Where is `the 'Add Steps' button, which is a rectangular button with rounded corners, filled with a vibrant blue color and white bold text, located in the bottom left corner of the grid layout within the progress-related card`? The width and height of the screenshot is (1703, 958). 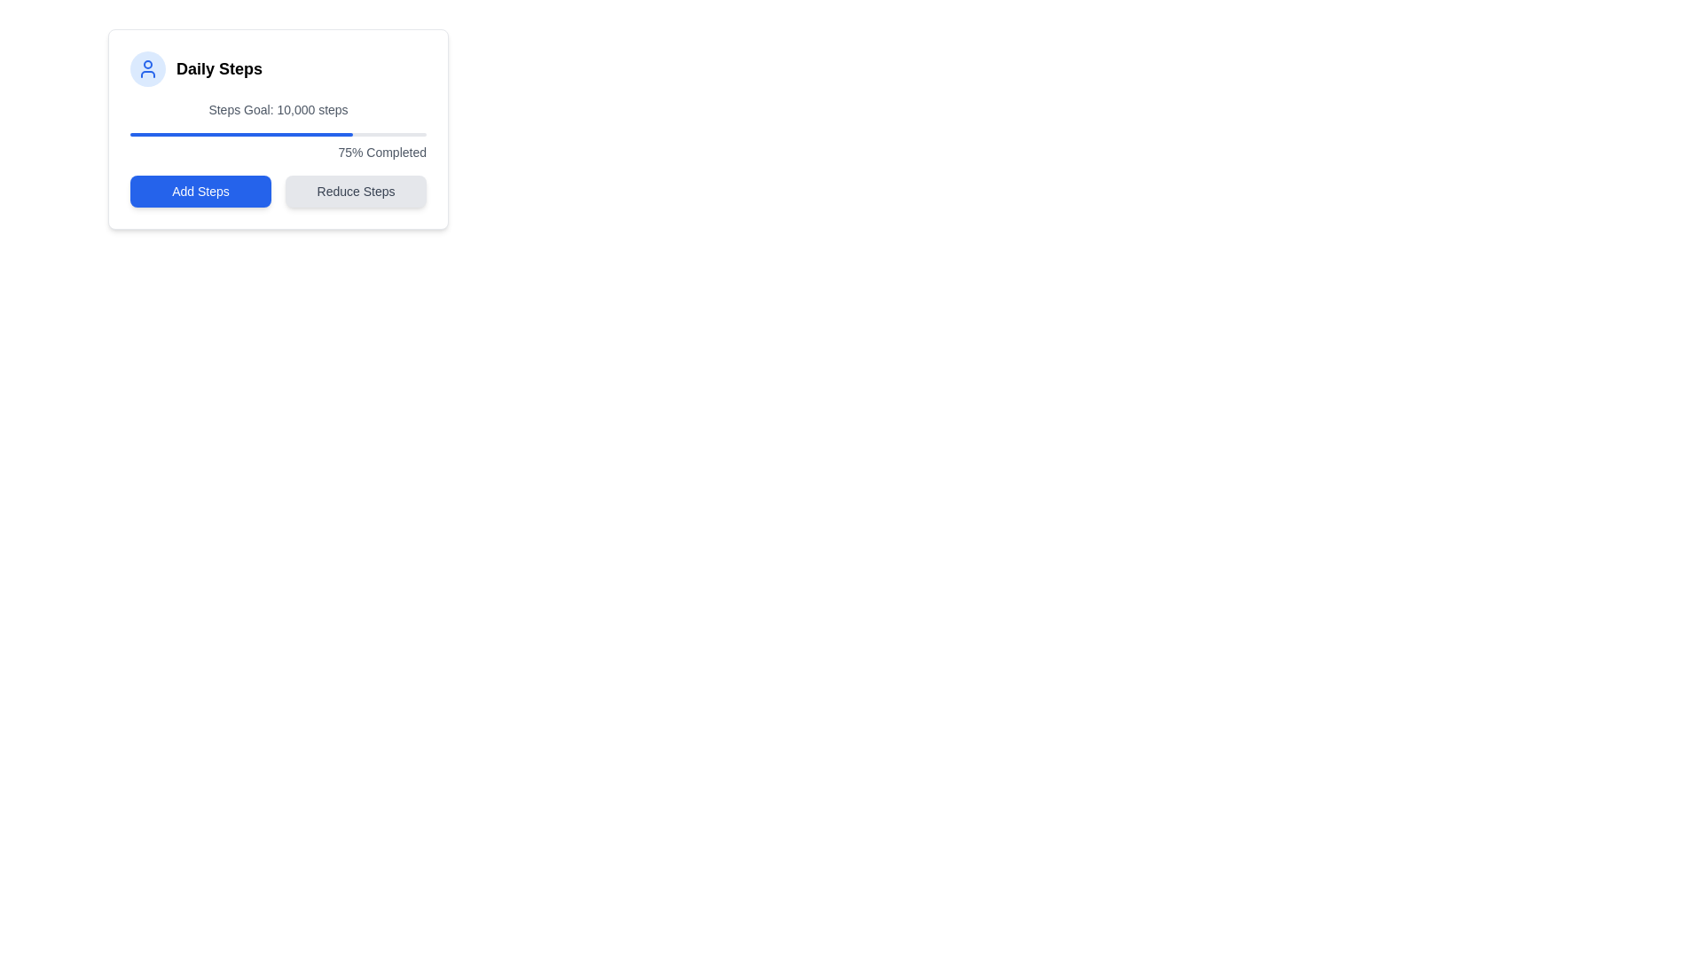
the 'Add Steps' button, which is a rectangular button with rounded corners, filled with a vibrant blue color and white bold text, located in the bottom left corner of the grid layout within the progress-related card is located at coordinates (200, 192).